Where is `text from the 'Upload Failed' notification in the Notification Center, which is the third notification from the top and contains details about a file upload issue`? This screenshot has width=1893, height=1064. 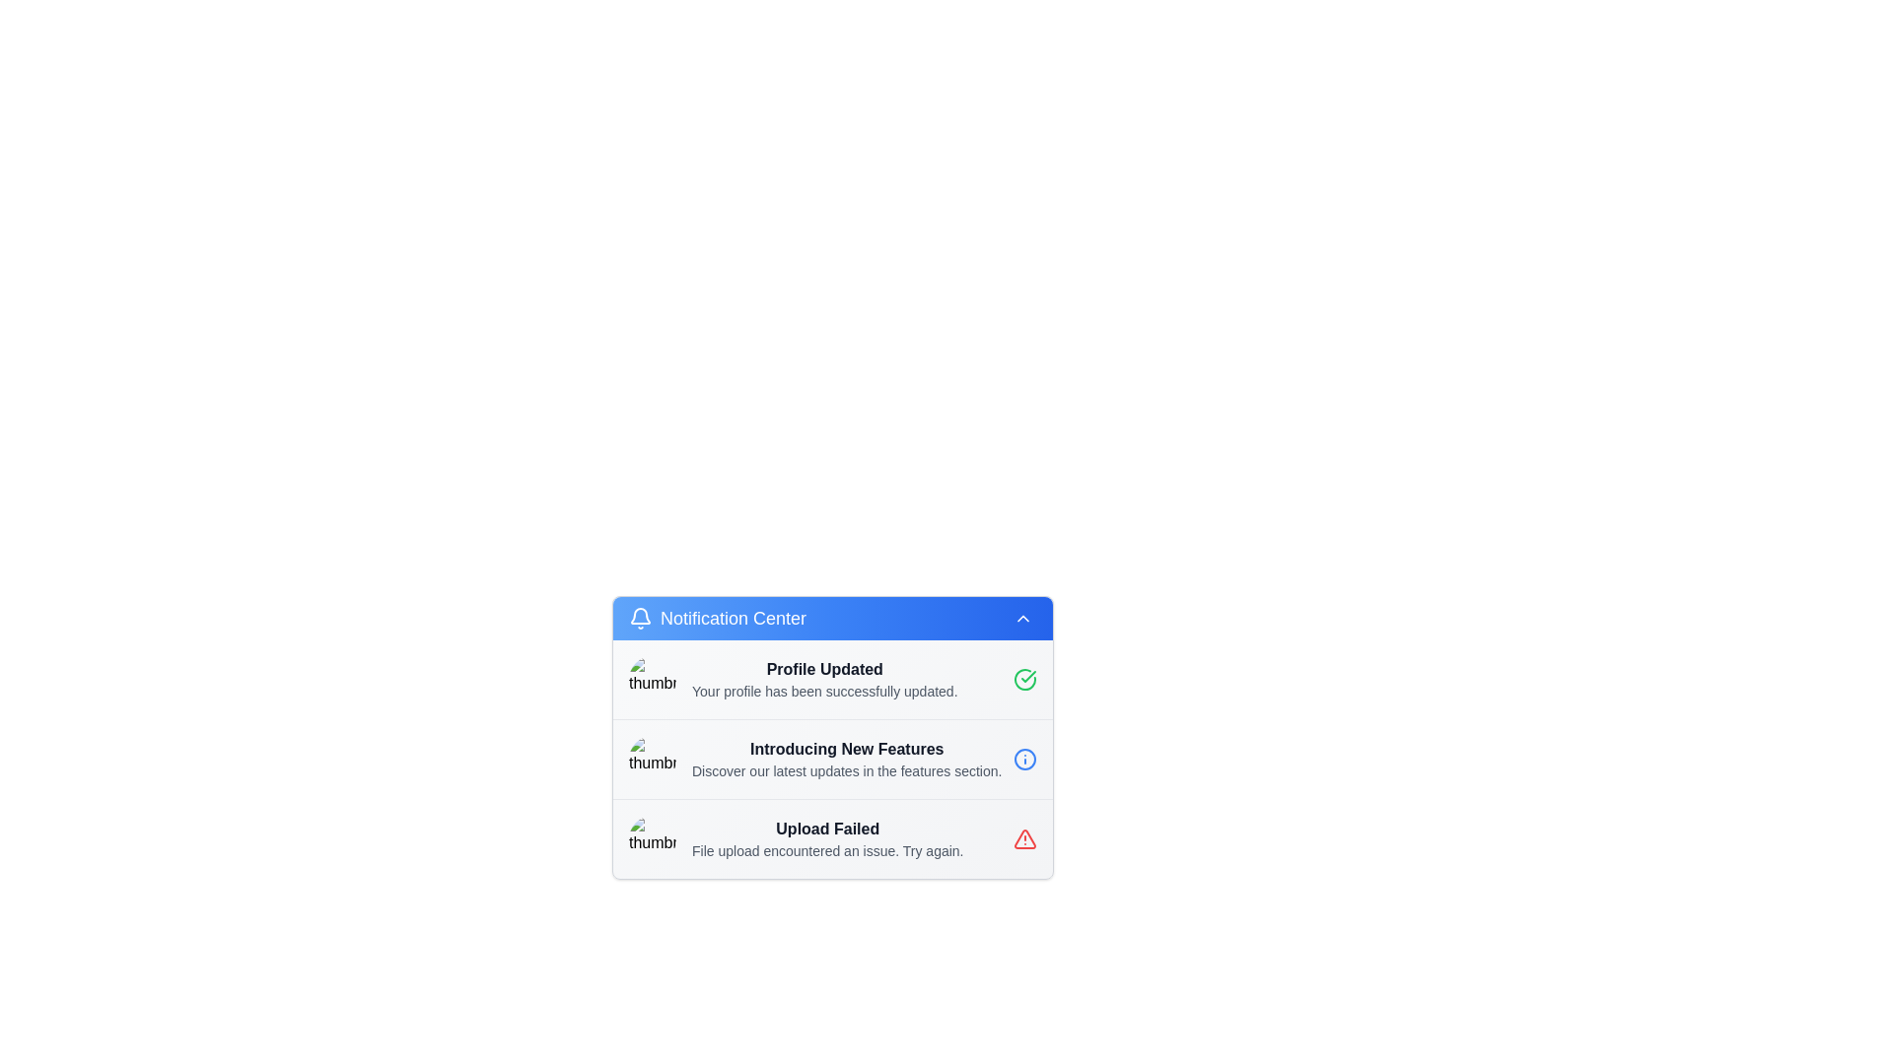 text from the 'Upload Failed' notification in the Notification Center, which is the third notification from the top and contains details about a file upload issue is located at coordinates (827, 839).